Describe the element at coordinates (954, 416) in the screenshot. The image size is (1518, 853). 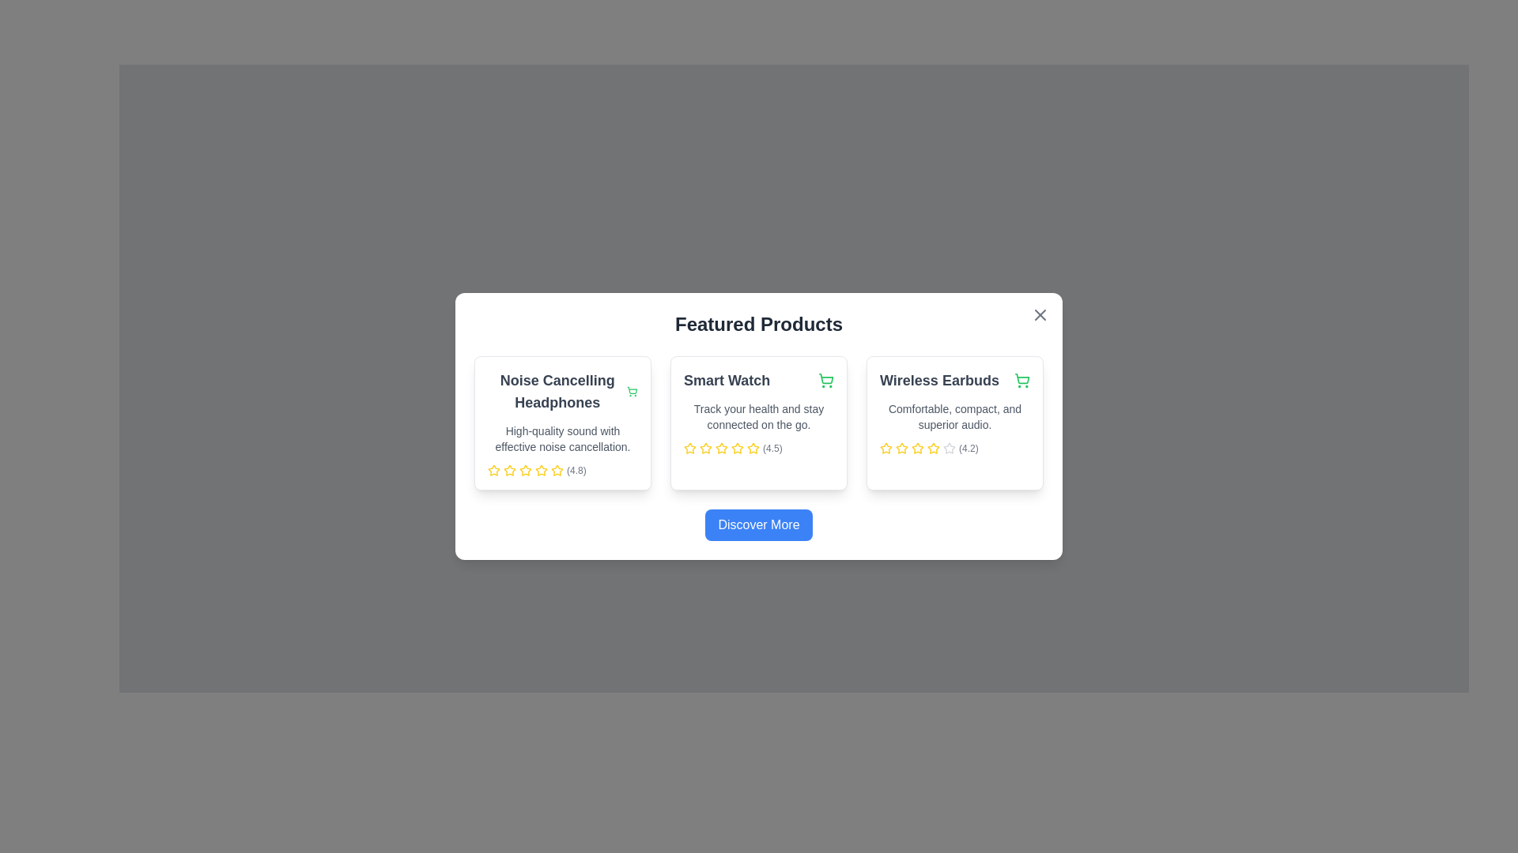
I see `descriptive subtext providing additional details about the Wireless Earbuds product, located centrally beneath the main title 'Wireless Earbuds' and above the rating section` at that location.